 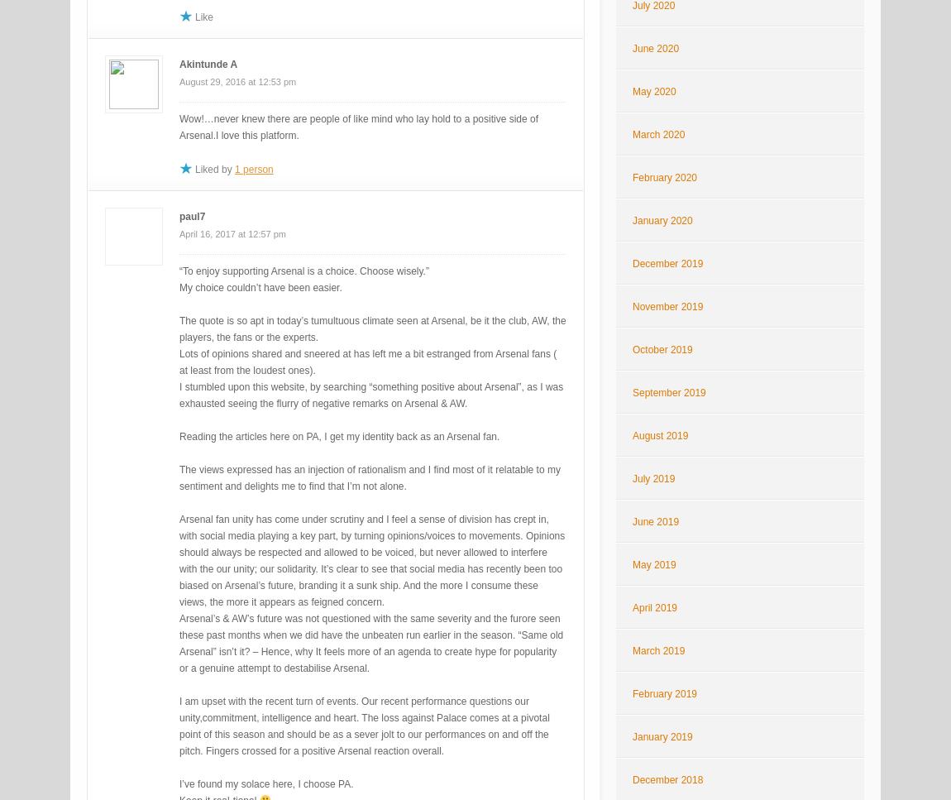 What do you see at coordinates (659, 436) in the screenshot?
I see `'August 2019'` at bounding box center [659, 436].